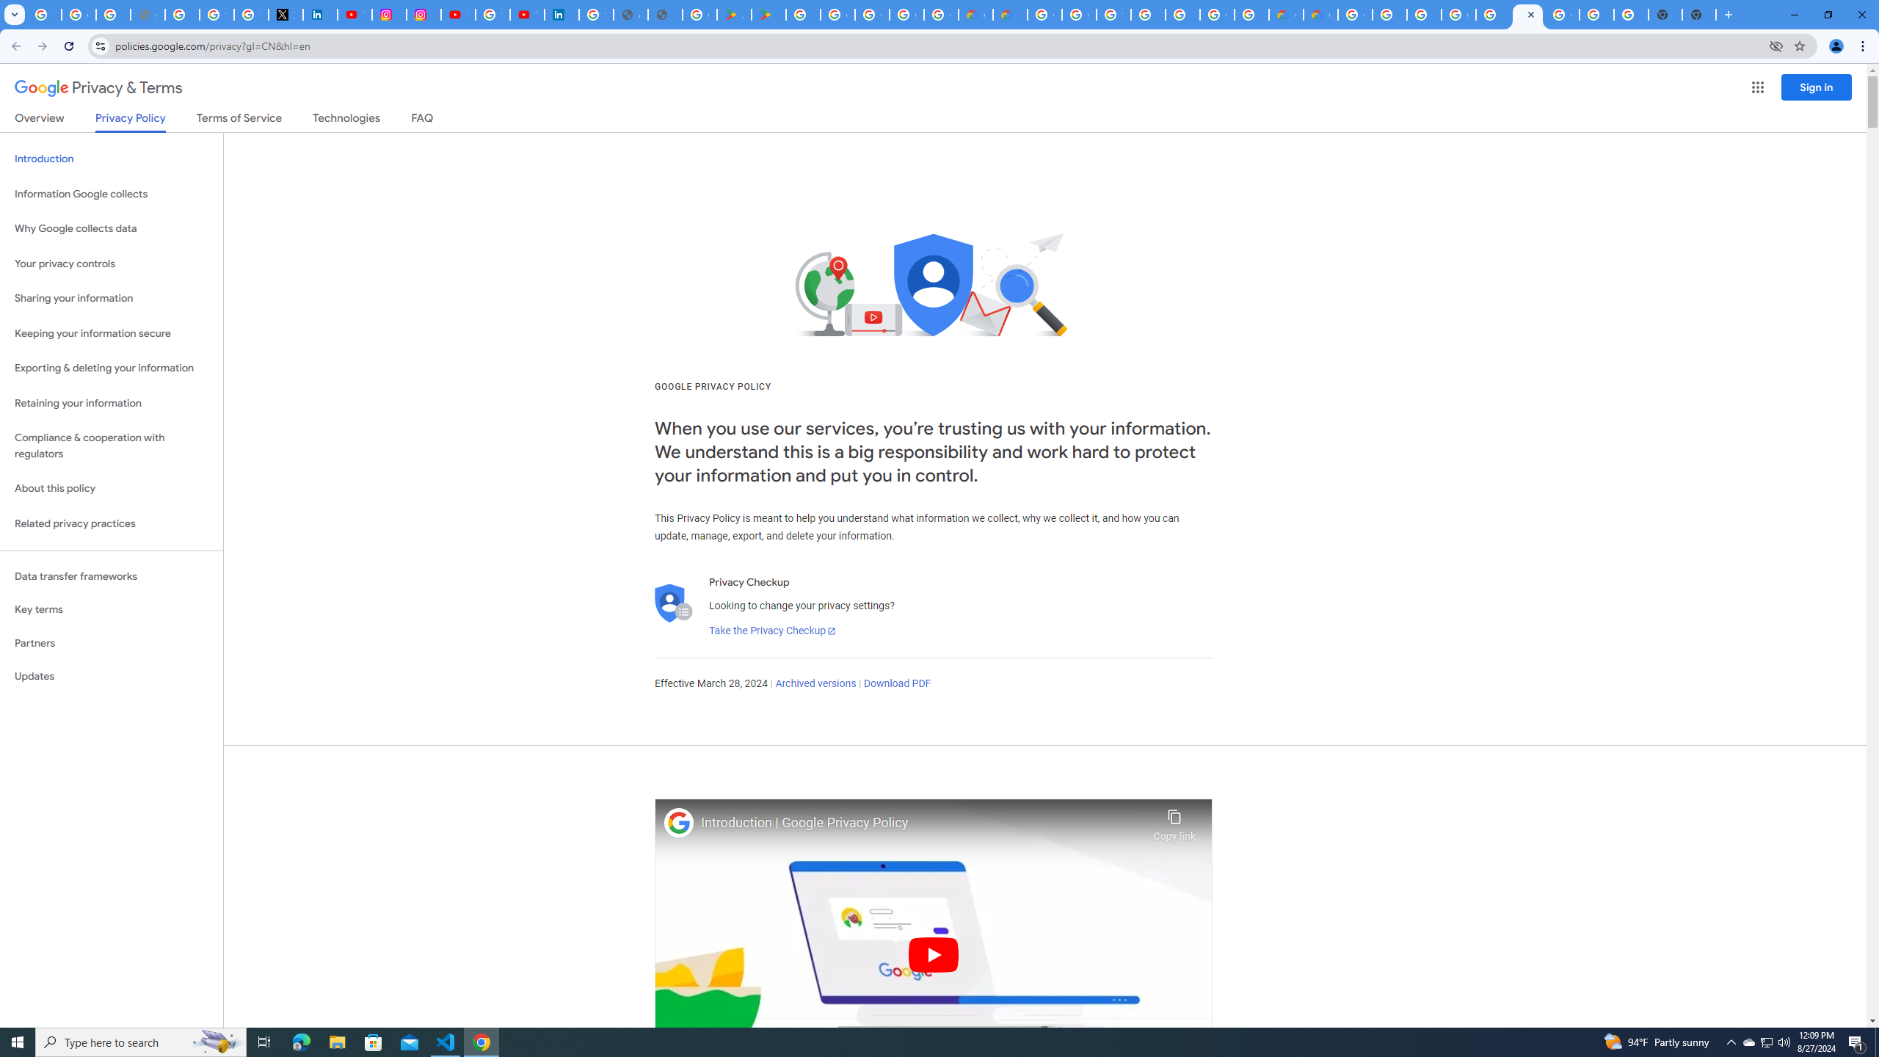 The image size is (1879, 1057). What do you see at coordinates (422, 120) in the screenshot?
I see `'FAQ'` at bounding box center [422, 120].